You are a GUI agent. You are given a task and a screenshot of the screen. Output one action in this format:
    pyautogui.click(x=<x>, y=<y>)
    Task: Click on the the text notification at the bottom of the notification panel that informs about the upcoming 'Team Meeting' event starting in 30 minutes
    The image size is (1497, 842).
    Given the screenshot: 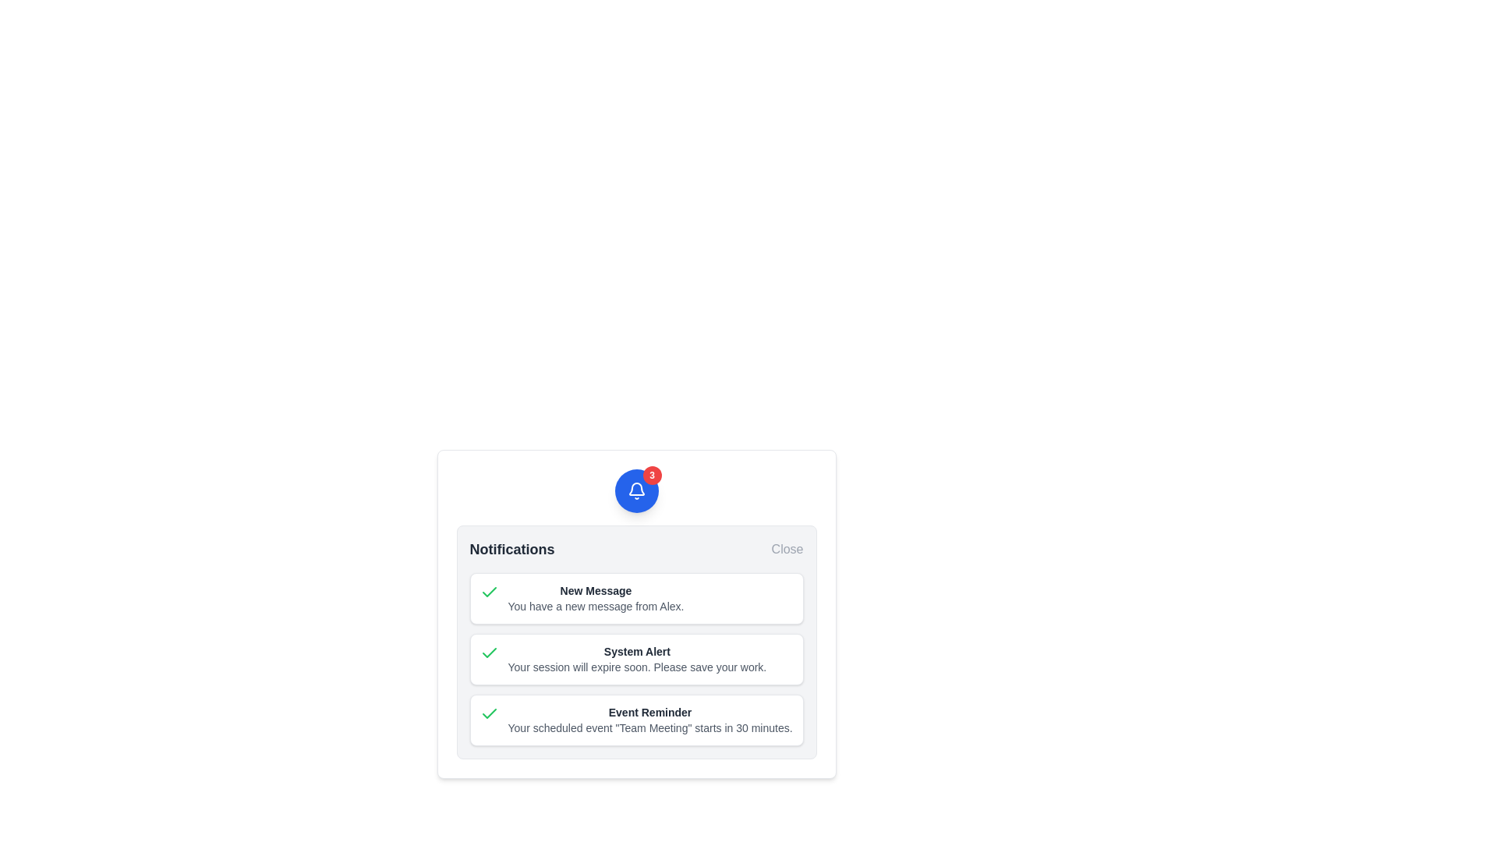 What is the action you would take?
    pyautogui.click(x=650, y=720)
    